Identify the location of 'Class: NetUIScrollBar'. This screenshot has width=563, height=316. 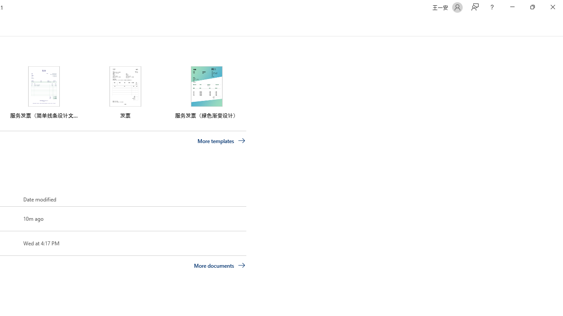
(559, 25).